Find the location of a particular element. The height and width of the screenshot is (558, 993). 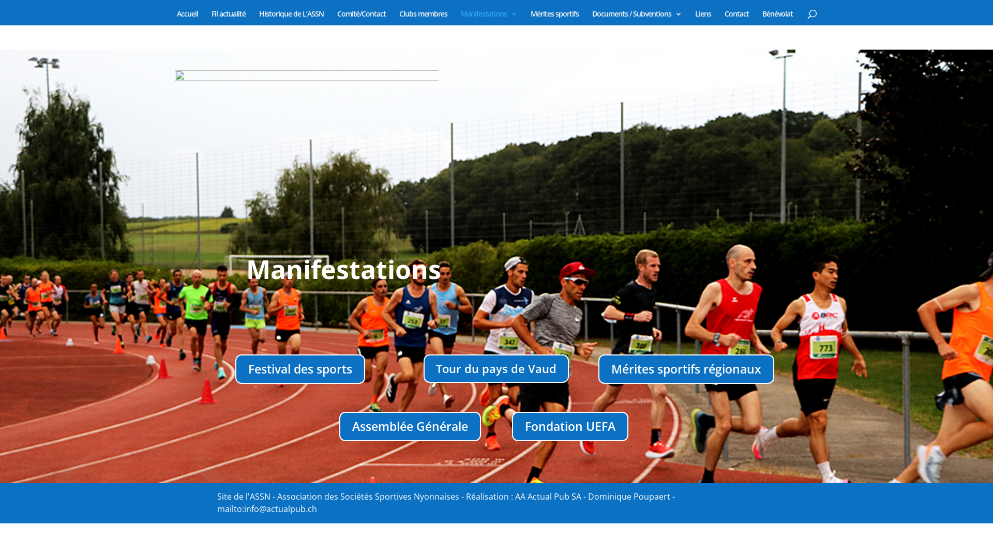

'Contact' is located at coordinates (735, 18).